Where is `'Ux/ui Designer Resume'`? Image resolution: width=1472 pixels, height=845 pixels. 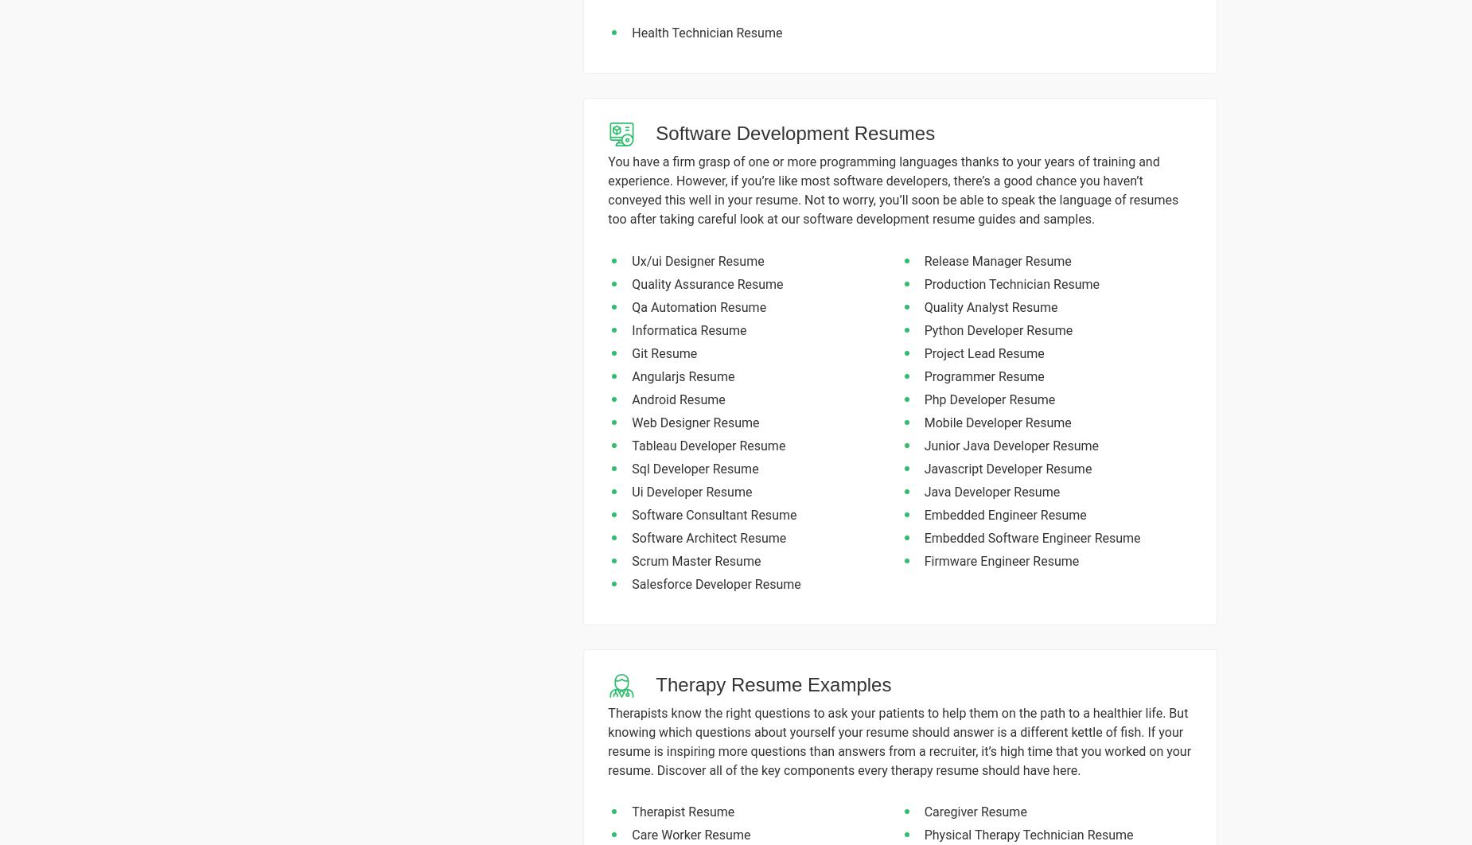
'Ux/ui Designer Resume' is located at coordinates (698, 259).